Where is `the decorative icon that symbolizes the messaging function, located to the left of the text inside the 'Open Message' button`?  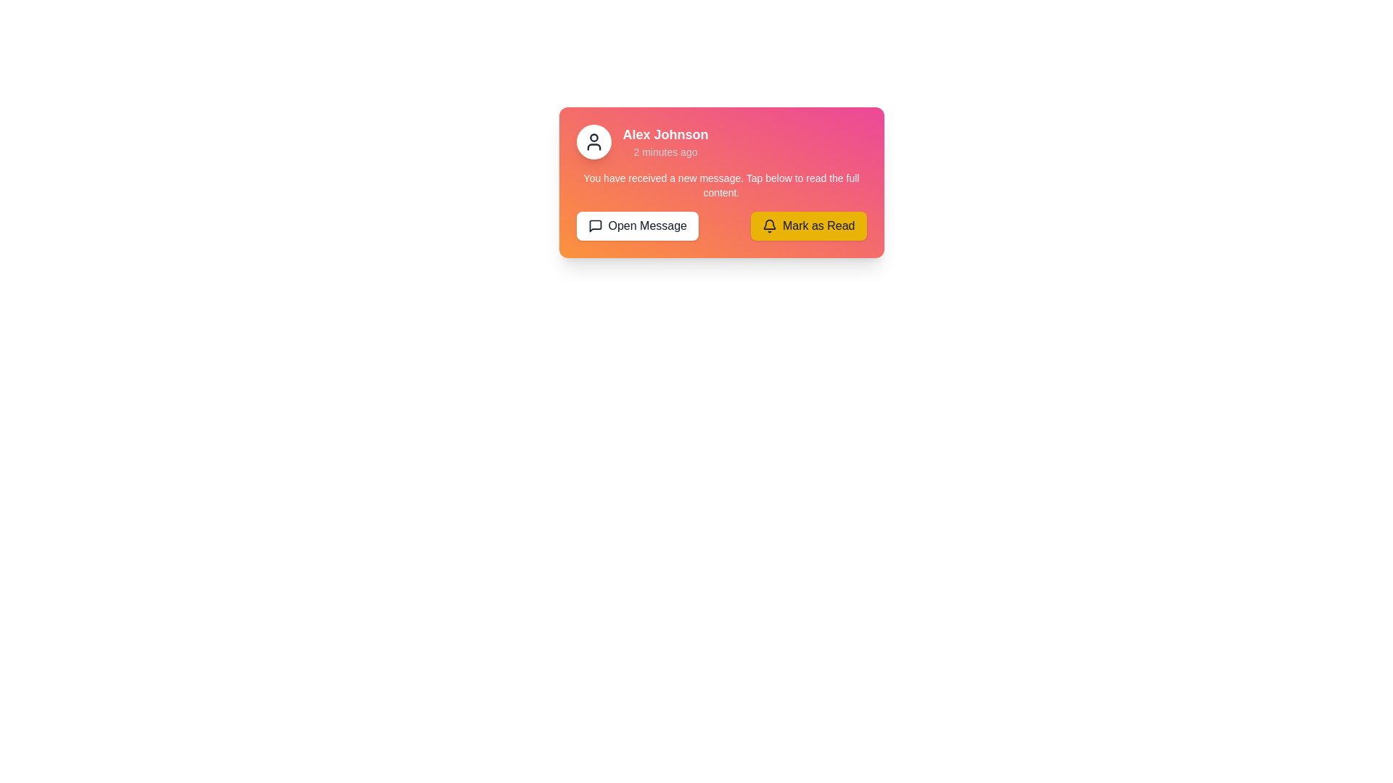 the decorative icon that symbolizes the messaging function, located to the left of the text inside the 'Open Message' button is located at coordinates (595, 226).